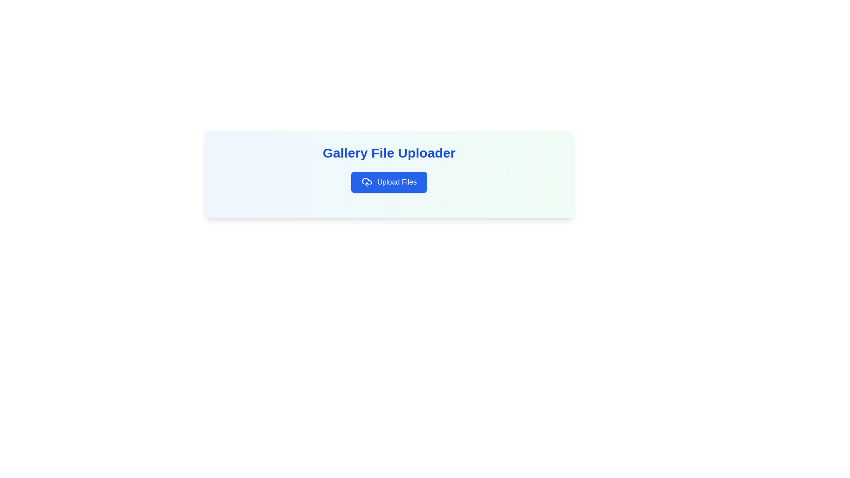 This screenshot has width=850, height=478. I want to click on the 'Upload Files' button located below the 'Gallery File Uploader' title to observe hover effects, so click(389, 182).